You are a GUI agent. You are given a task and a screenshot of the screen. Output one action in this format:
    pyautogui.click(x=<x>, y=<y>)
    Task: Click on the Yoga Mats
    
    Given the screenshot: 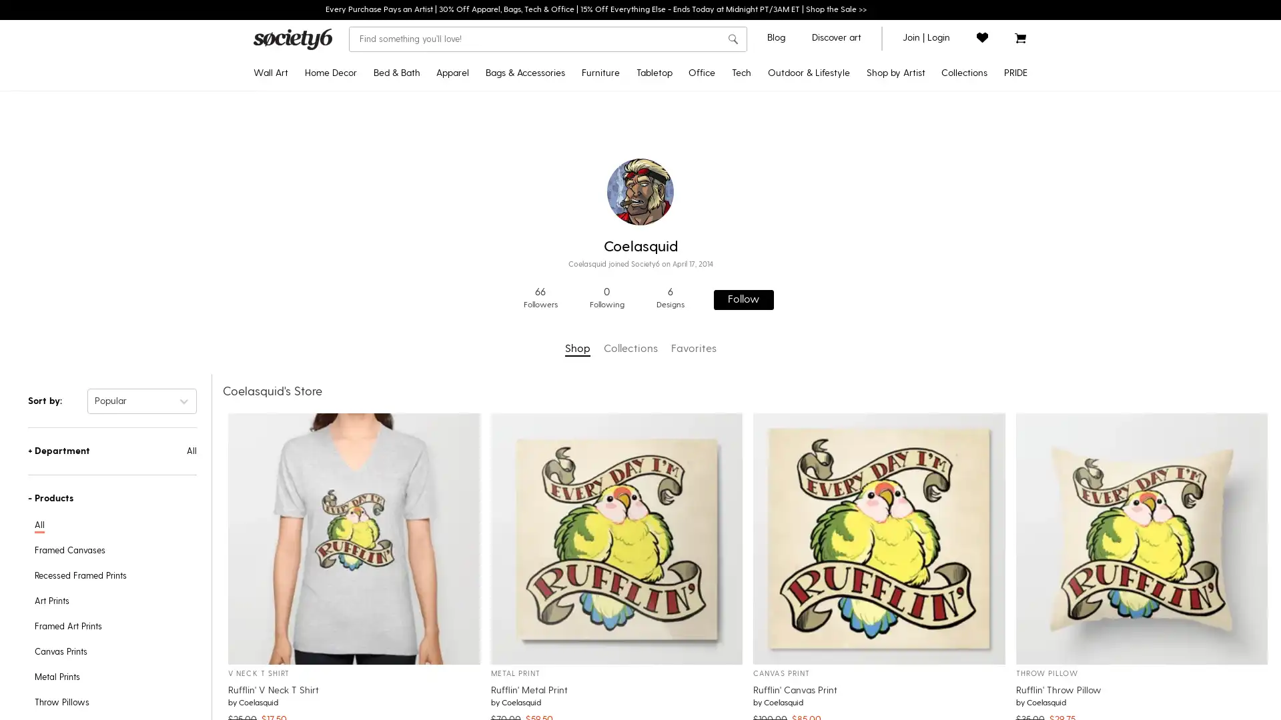 What is the action you would take?
    pyautogui.click(x=826, y=129)
    